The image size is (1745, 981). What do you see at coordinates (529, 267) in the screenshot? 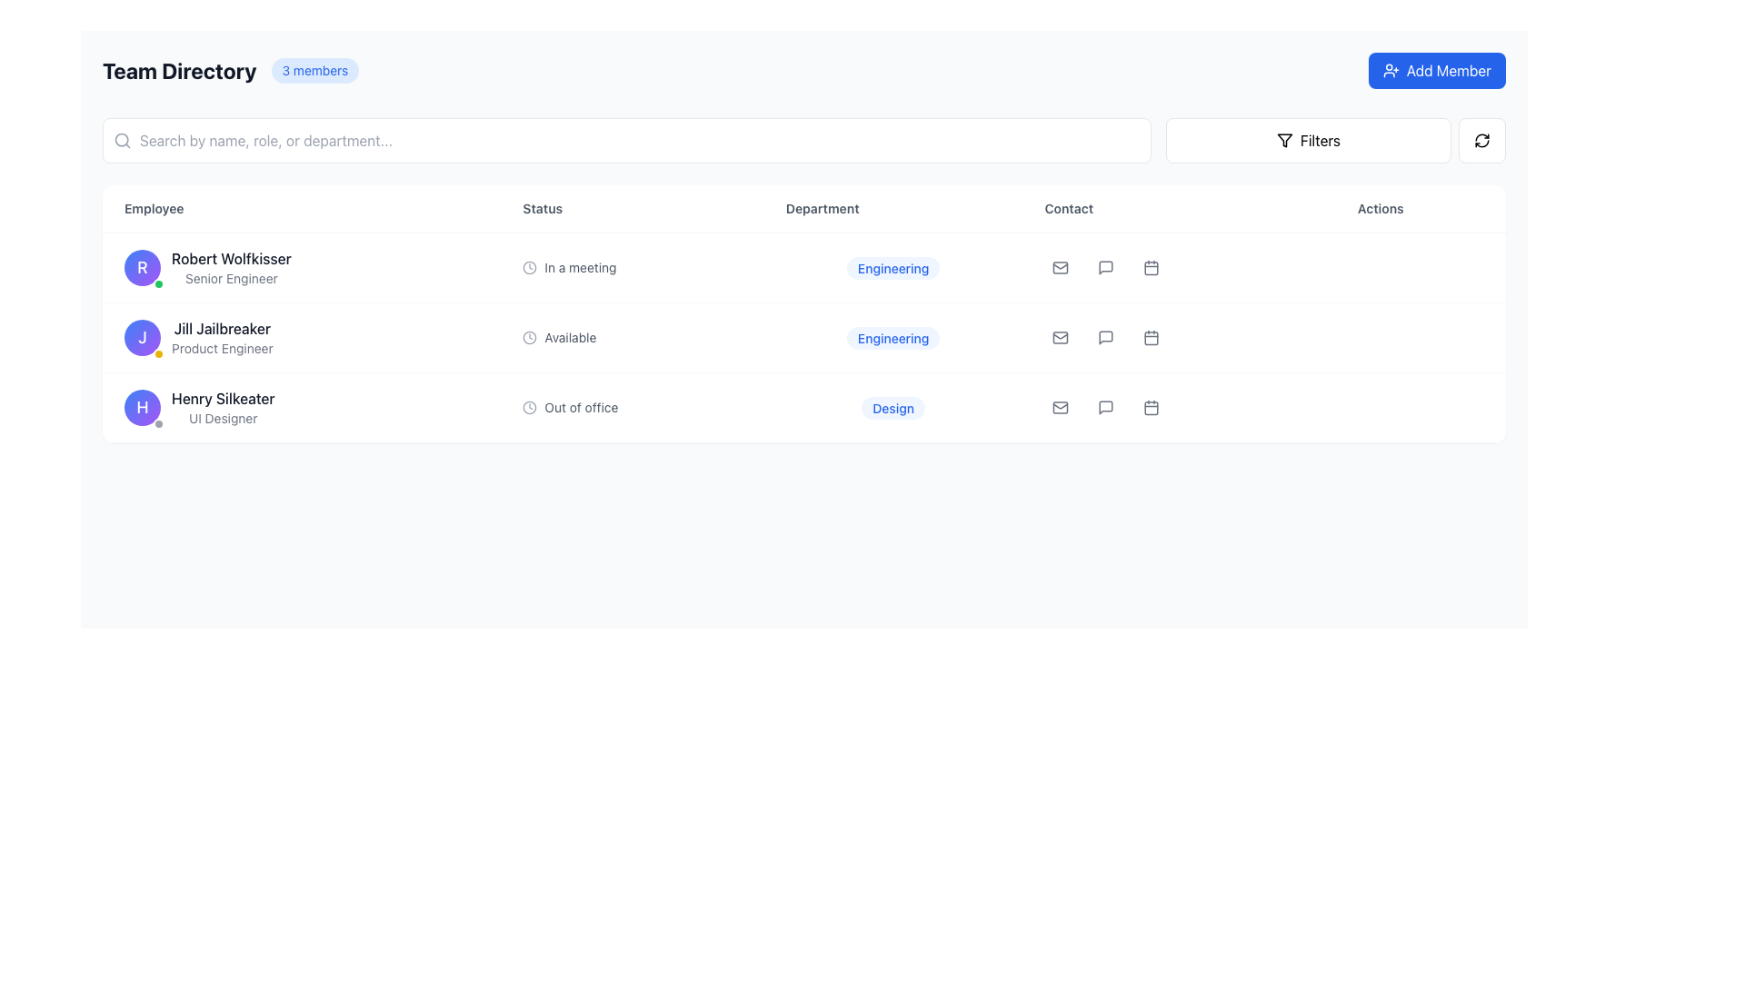
I see `the 'In a meeting' status icon located in the 'Status' column of the first row of the 'Team Directory' table, adjacent to the text 'In a meeting' for Robert Wolfkisser` at bounding box center [529, 267].